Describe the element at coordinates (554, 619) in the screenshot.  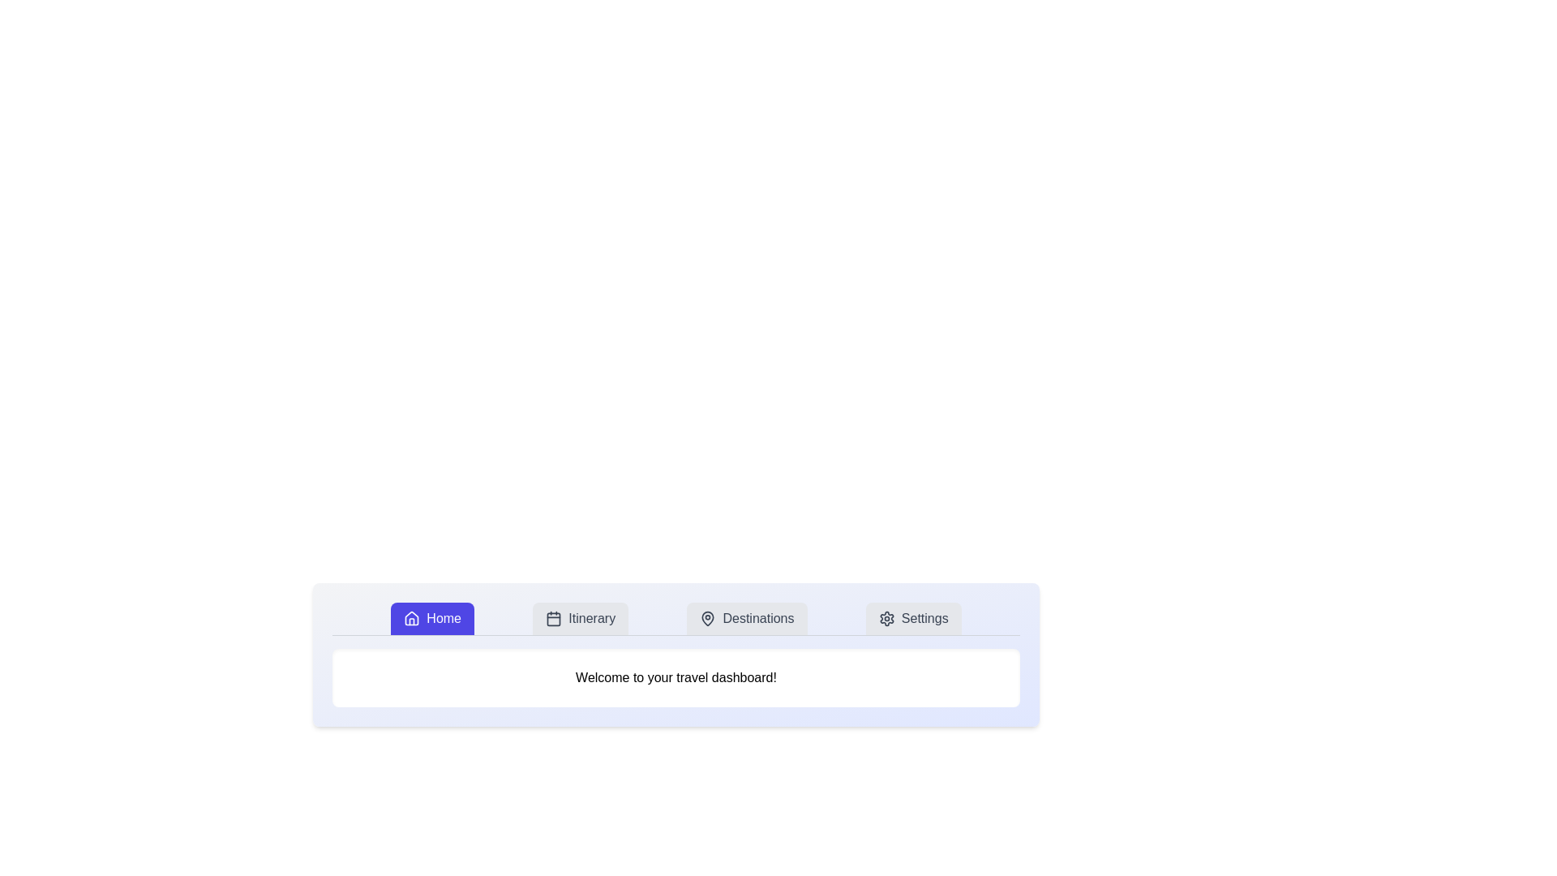
I see `the calendar icon located near the center of the navigation menu bar, to the right of the 'Home' button` at that location.